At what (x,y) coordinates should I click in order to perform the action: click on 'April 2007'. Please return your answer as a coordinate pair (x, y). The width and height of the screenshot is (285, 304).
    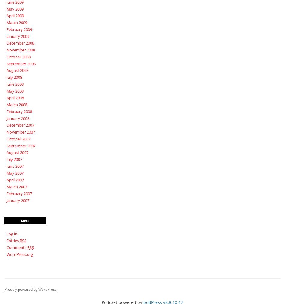
    Looking at the image, I should click on (15, 180).